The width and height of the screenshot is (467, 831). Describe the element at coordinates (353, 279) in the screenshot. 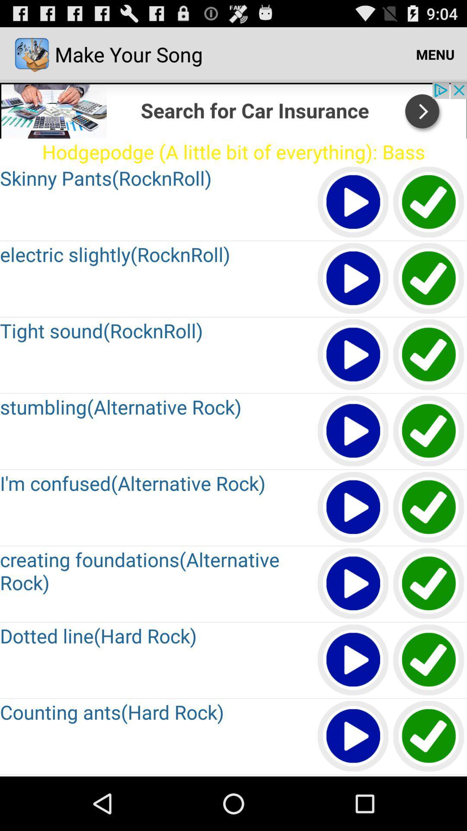

I see `selected sound` at that location.